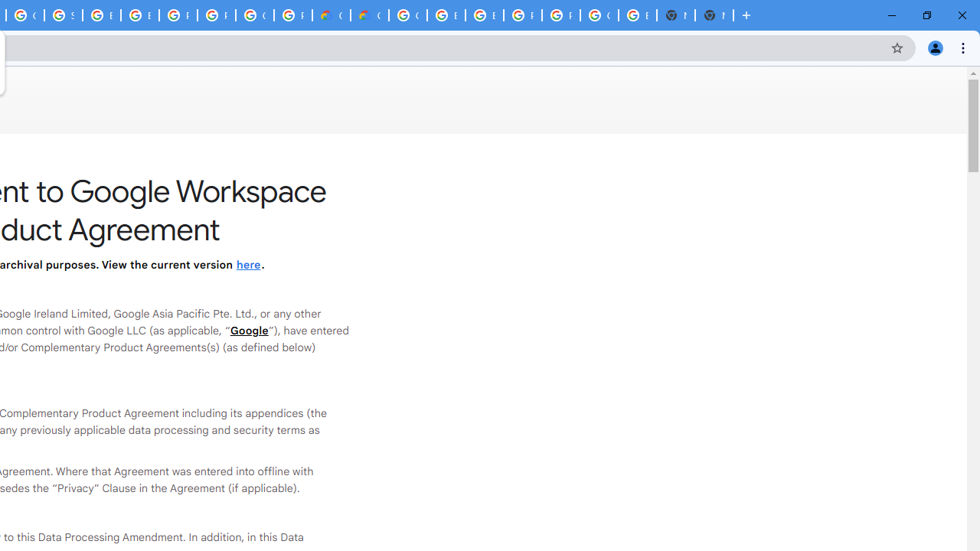 The height and width of the screenshot is (551, 980). What do you see at coordinates (255, 15) in the screenshot?
I see `'Google Cloud Platform'` at bounding box center [255, 15].